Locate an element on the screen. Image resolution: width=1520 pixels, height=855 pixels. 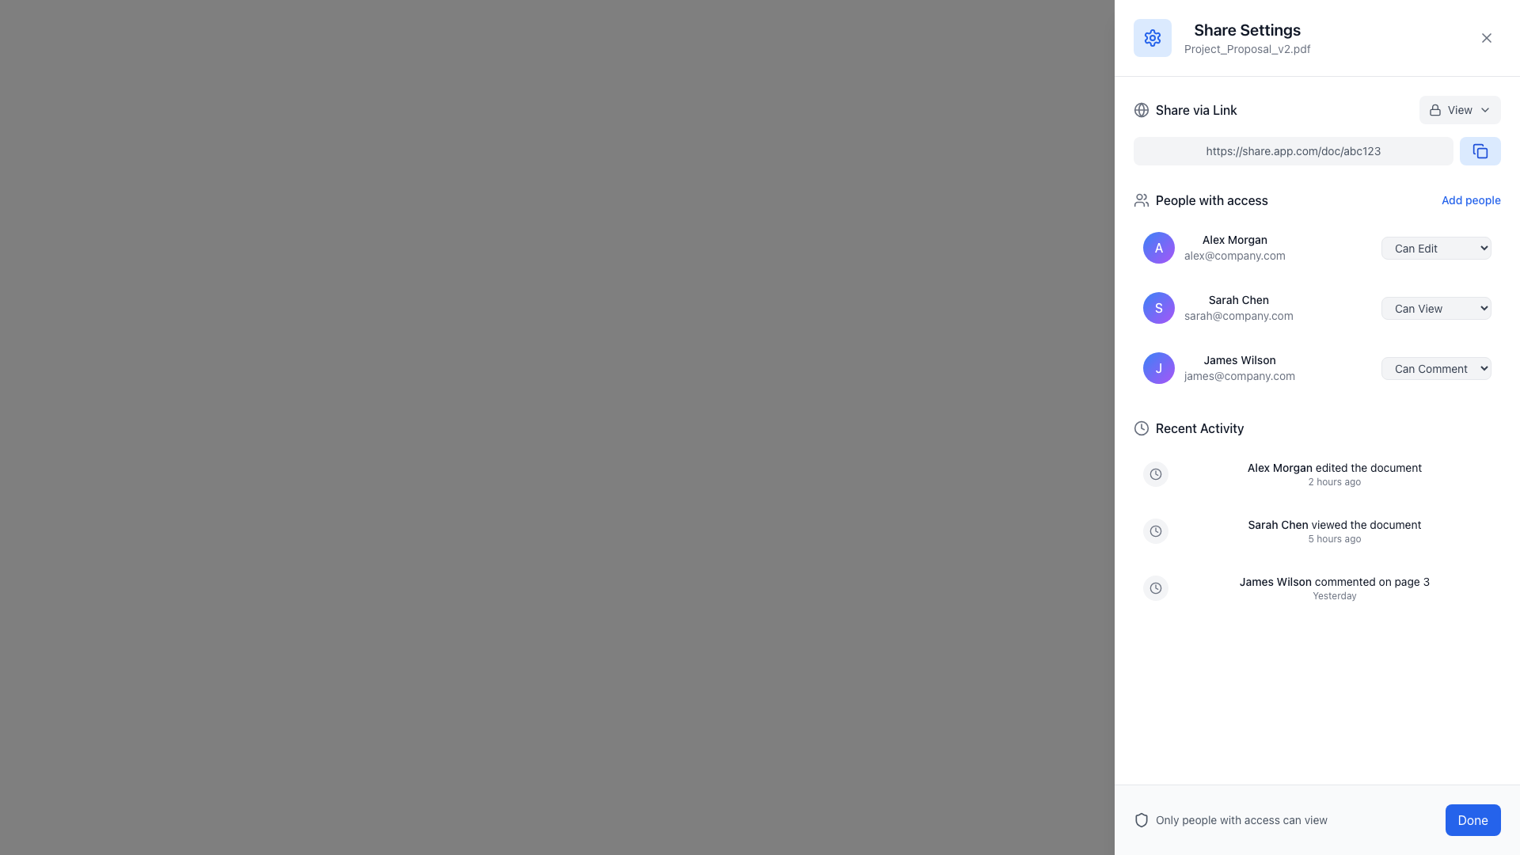
the recent activity clock icon, which is displayed within a rounded light-gray background circle is located at coordinates (1155, 588).